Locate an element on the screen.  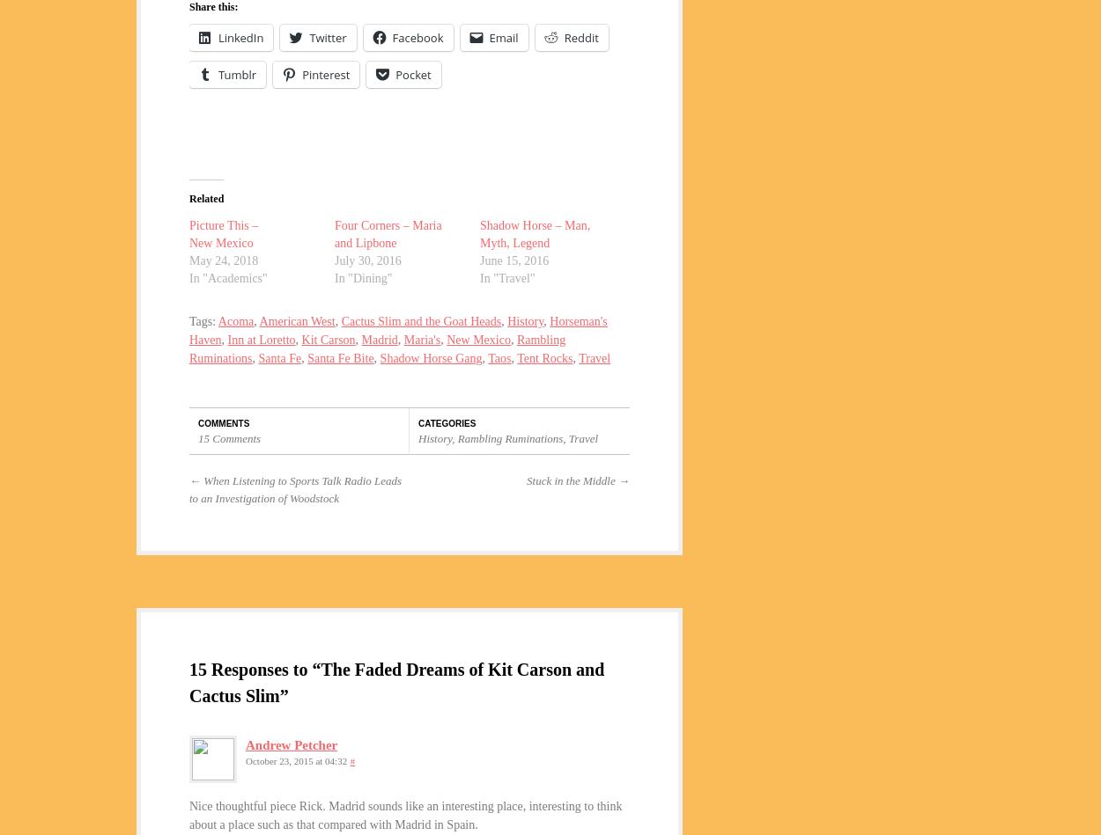
'15 Responses to “The Faded Dreams of Kit Carson and Cactus Slim”' is located at coordinates (395, 682).